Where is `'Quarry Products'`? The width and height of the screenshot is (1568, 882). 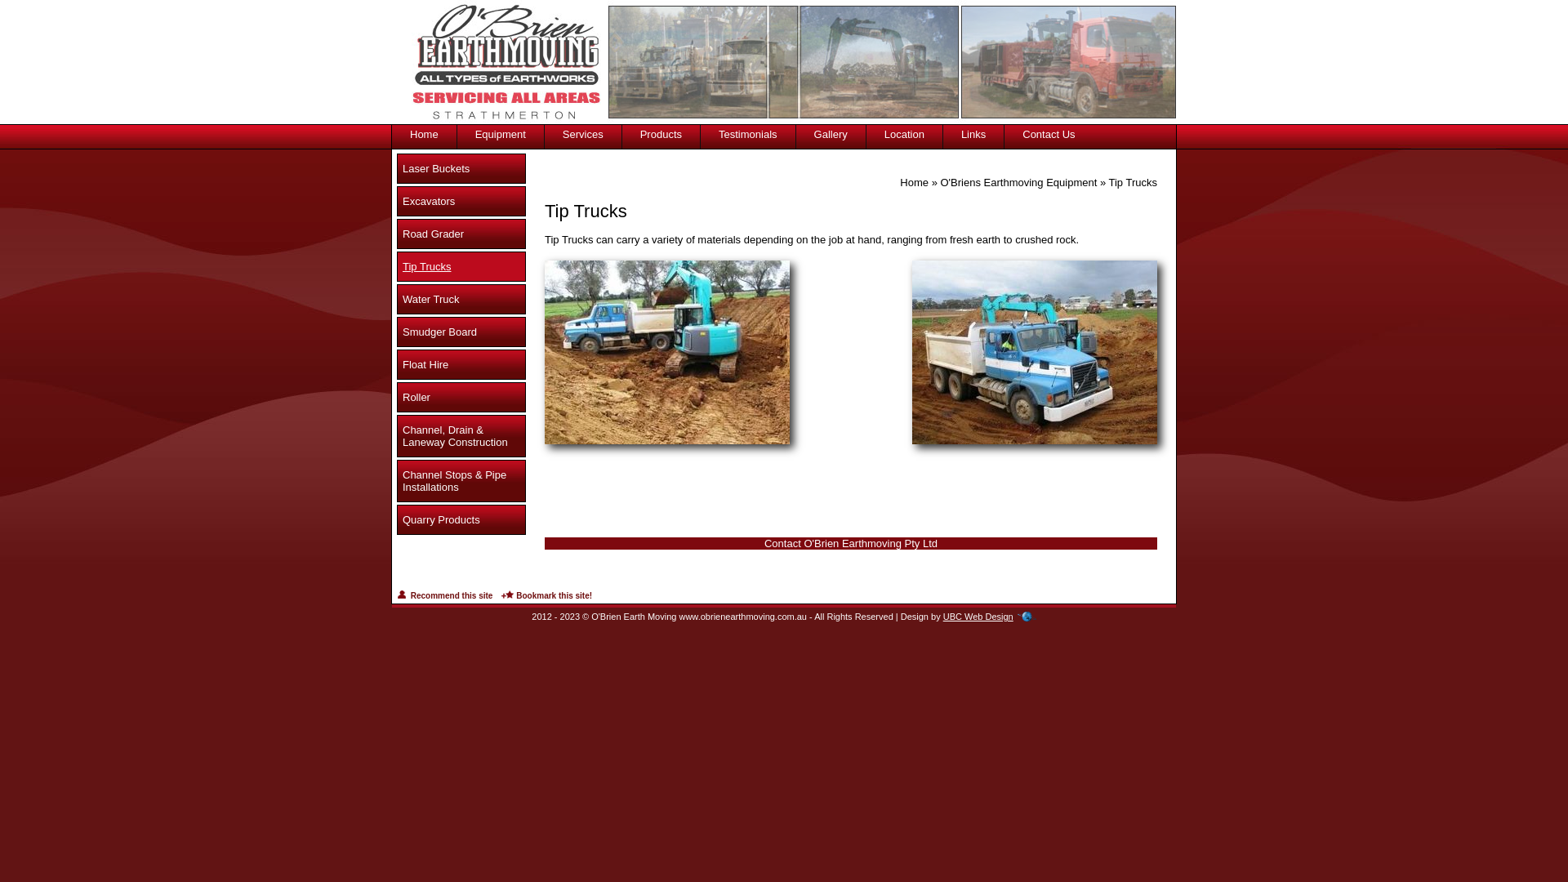 'Quarry Products' is located at coordinates (461, 519).